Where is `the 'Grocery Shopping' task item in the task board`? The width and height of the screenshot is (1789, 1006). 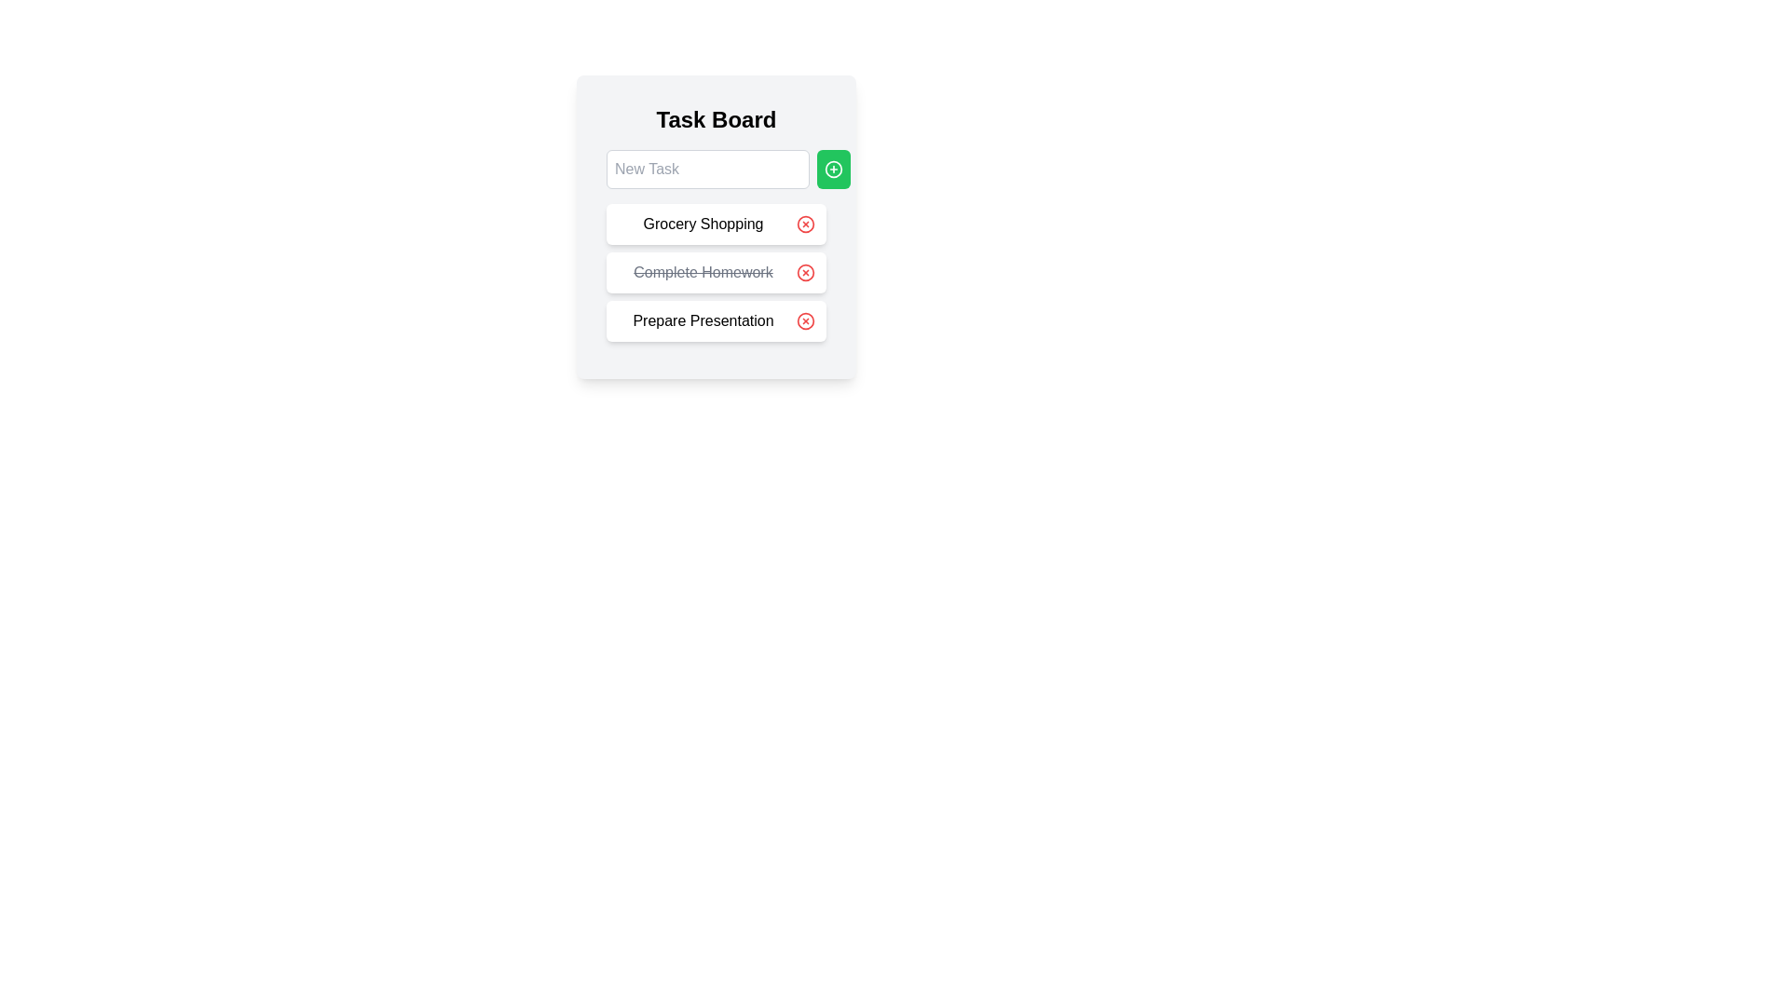 the 'Grocery Shopping' task item in the task board is located at coordinates (715, 223).